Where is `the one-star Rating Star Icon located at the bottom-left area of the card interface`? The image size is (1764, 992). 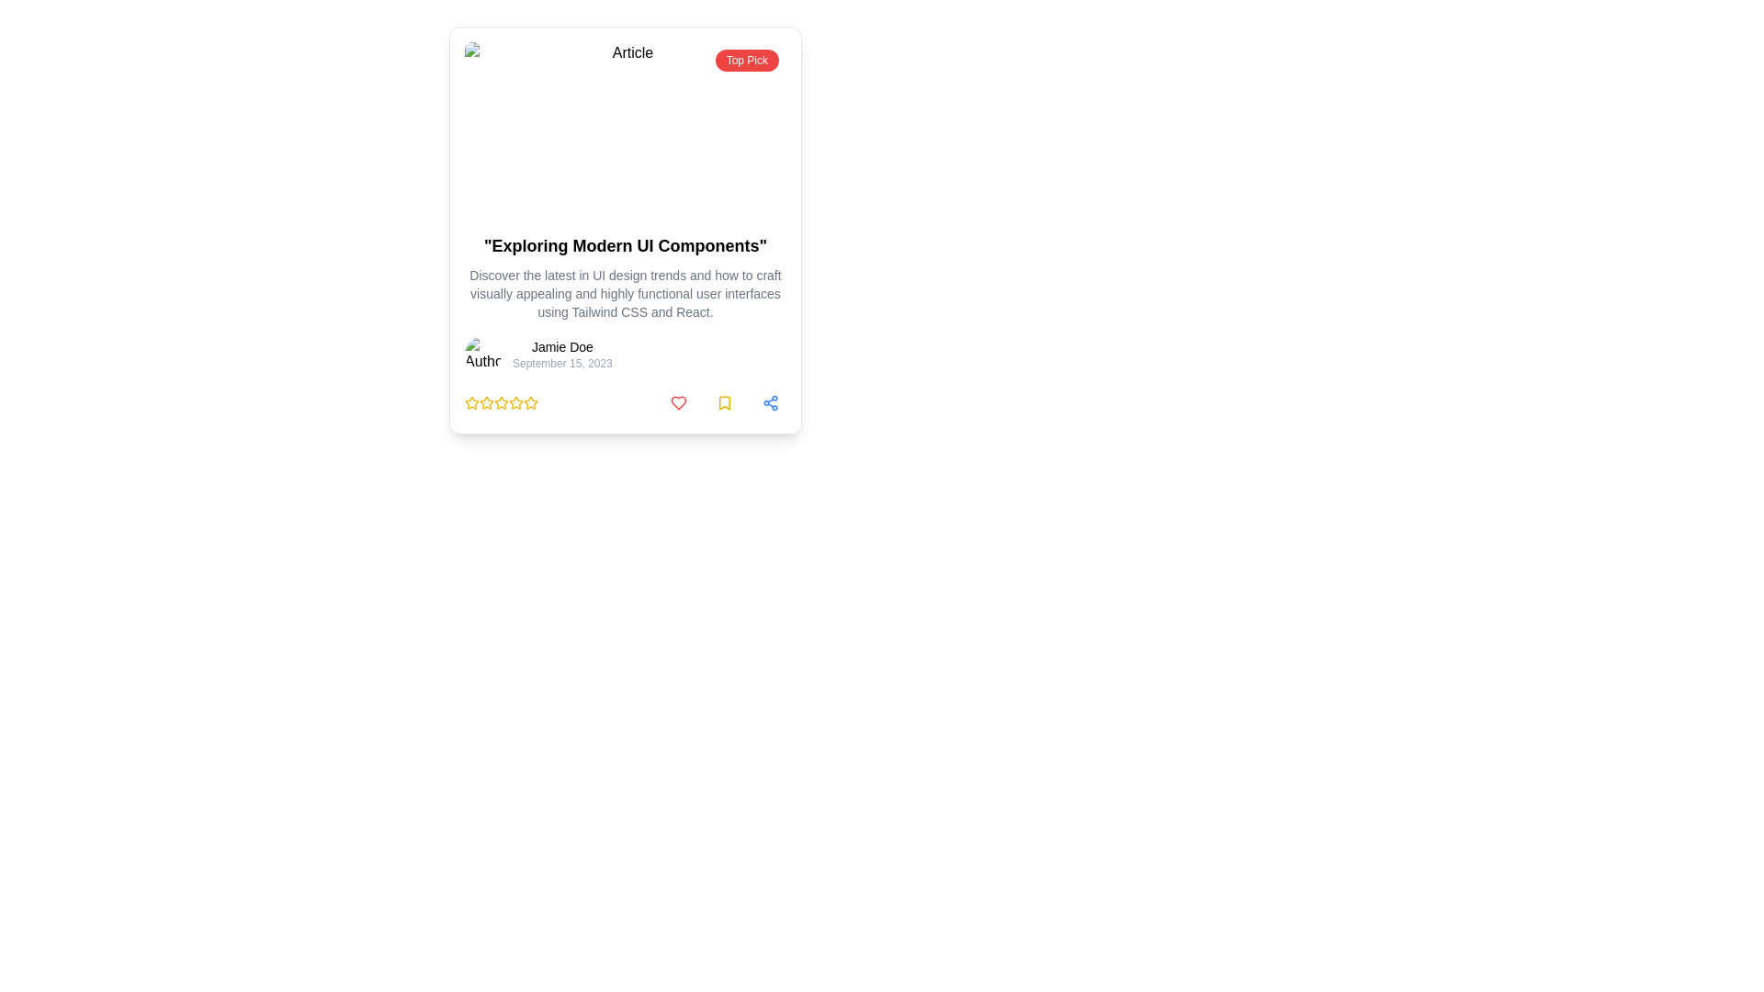 the one-star Rating Star Icon located at the bottom-left area of the card interface is located at coordinates (486, 401).